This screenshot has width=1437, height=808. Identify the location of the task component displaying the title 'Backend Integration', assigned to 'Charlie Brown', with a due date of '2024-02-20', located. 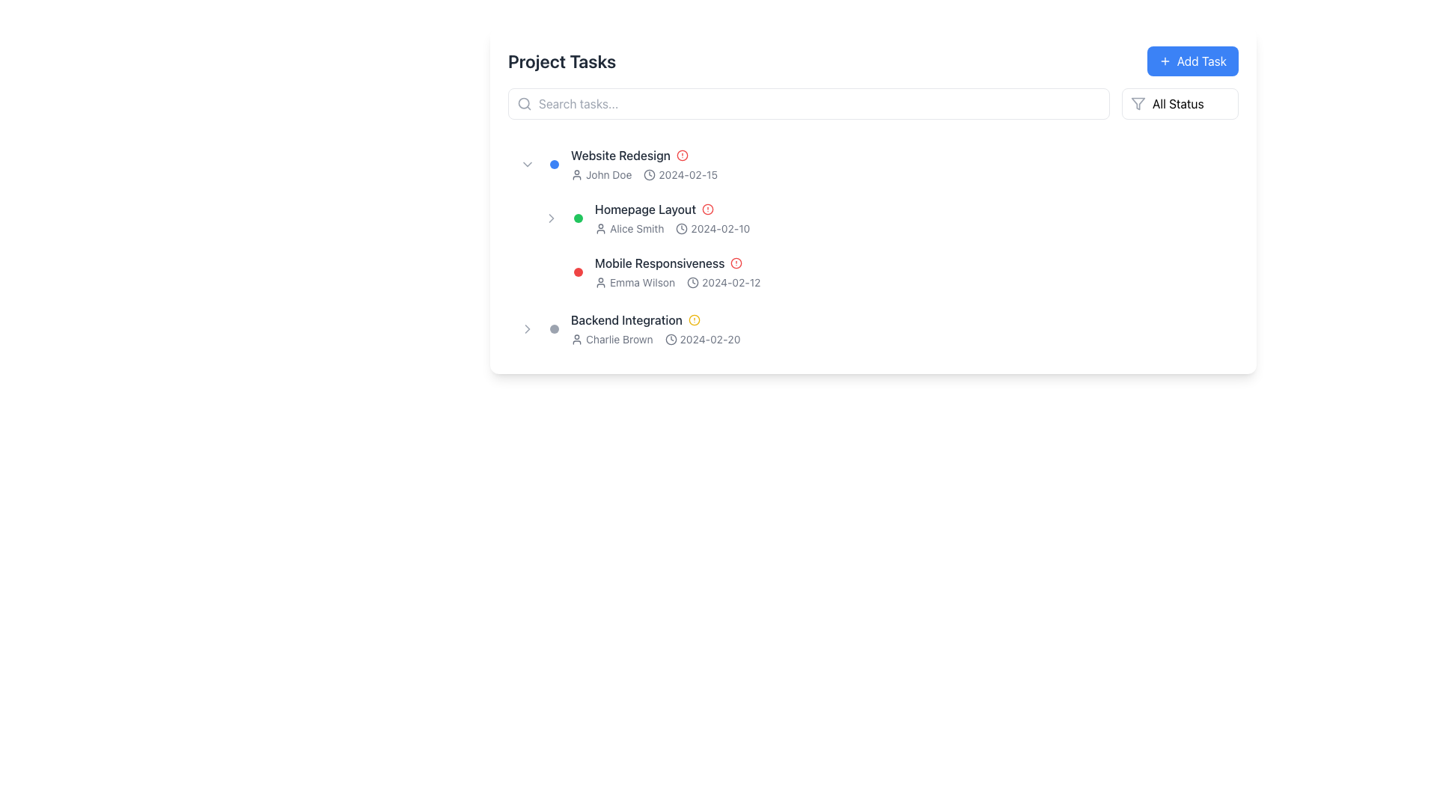
(900, 328).